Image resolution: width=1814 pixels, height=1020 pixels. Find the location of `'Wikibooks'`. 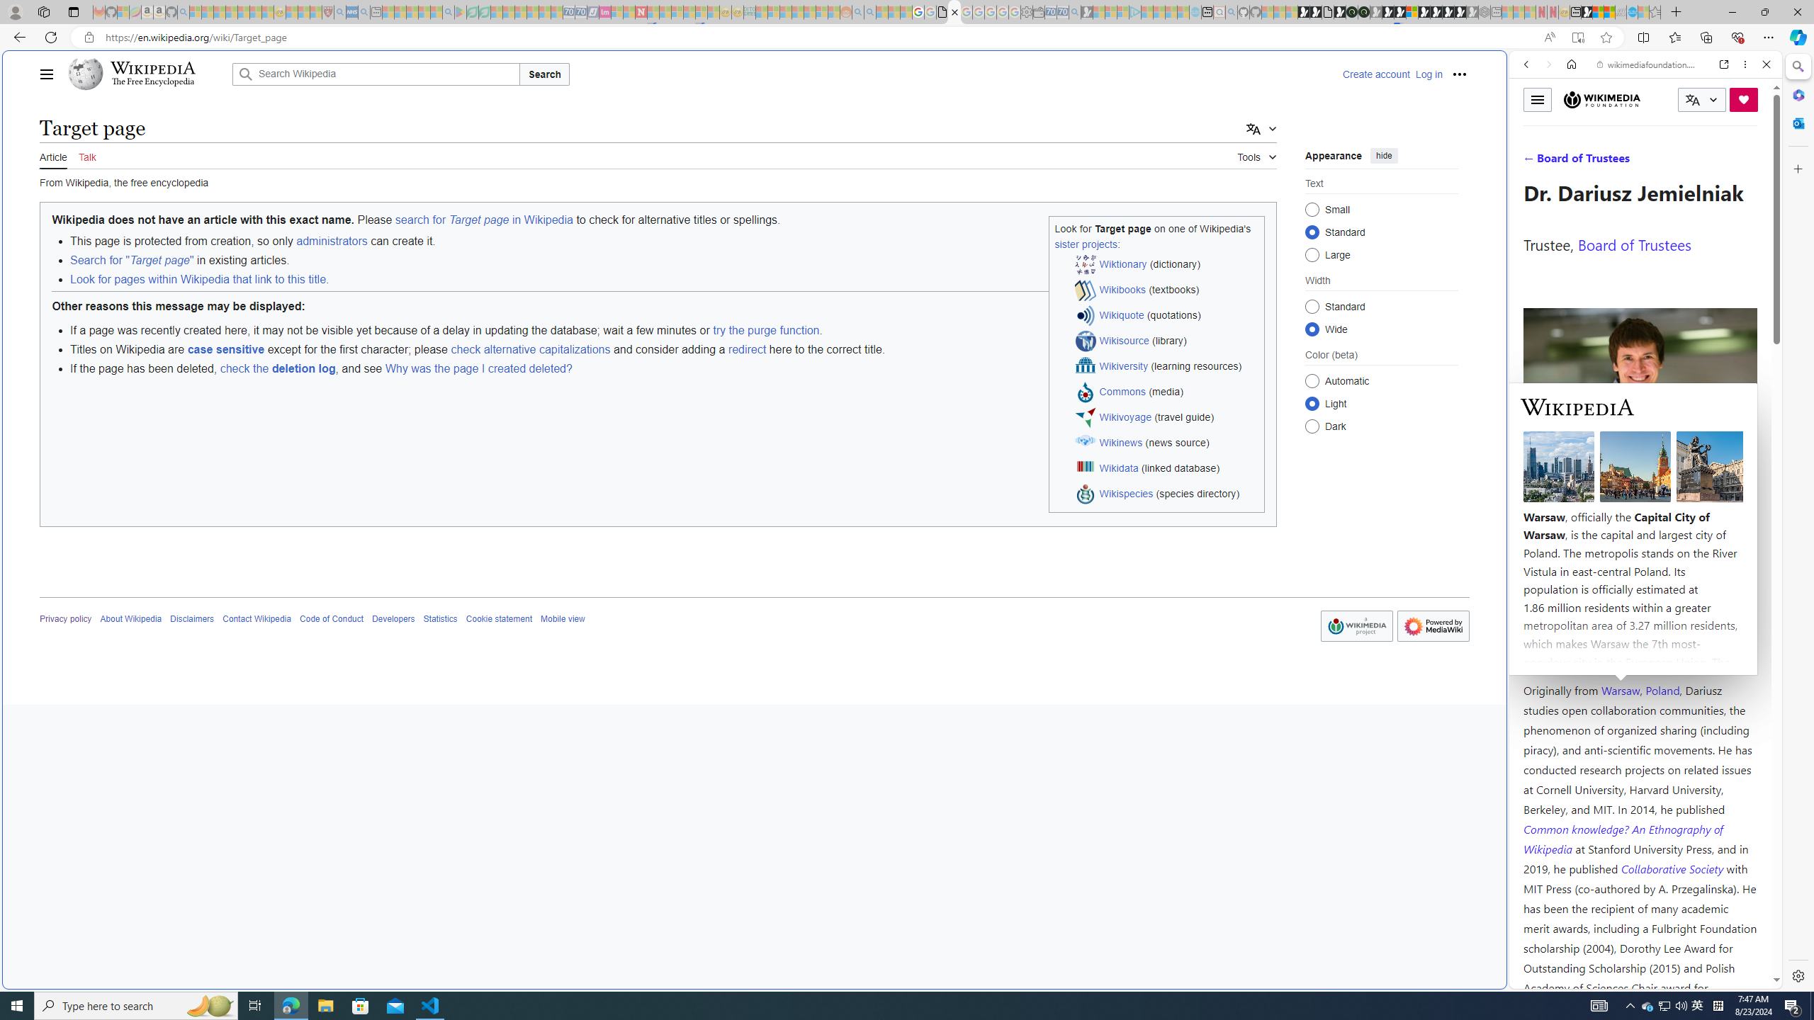

'Wikibooks' is located at coordinates (1122, 288).